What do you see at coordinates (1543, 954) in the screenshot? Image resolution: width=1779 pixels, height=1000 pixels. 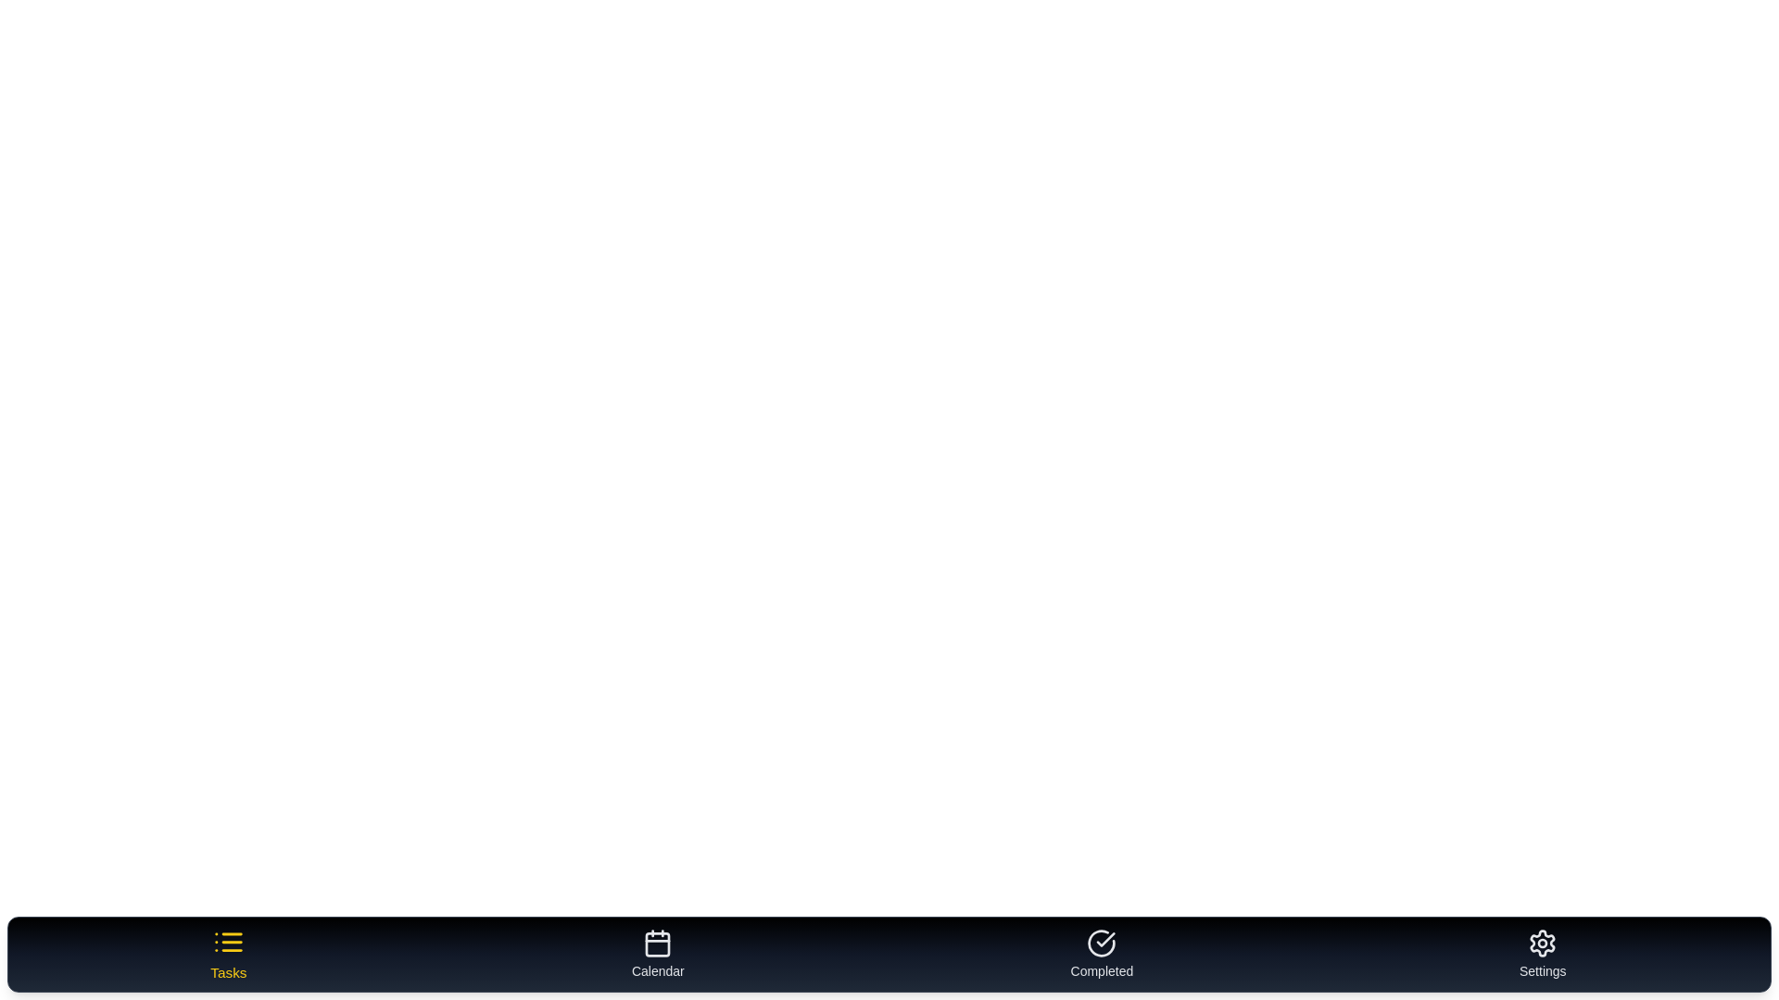 I see `the tab labeled 'Settings' to preview its behavior` at bounding box center [1543, 954].